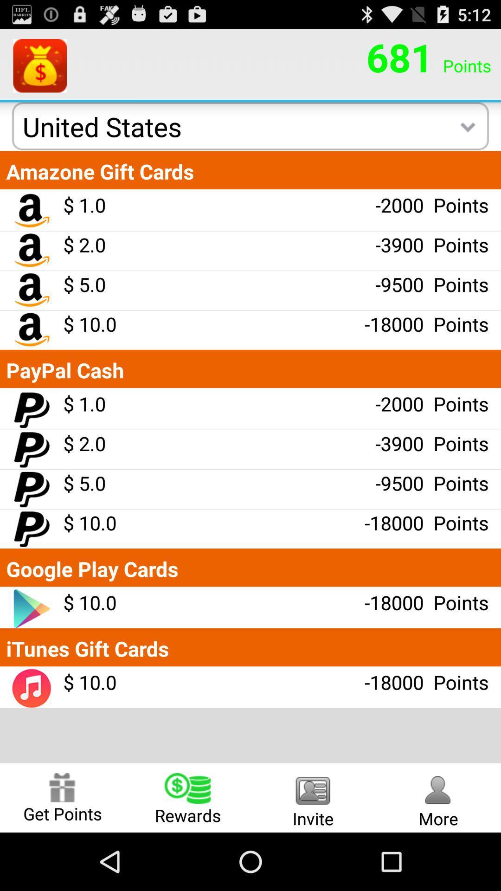 This screenshot has width=501, height=891. What do you see at coordinates (188, 797) in the screenshot?
I see `icon below $ 10.0` at bounding box center [188, 797].